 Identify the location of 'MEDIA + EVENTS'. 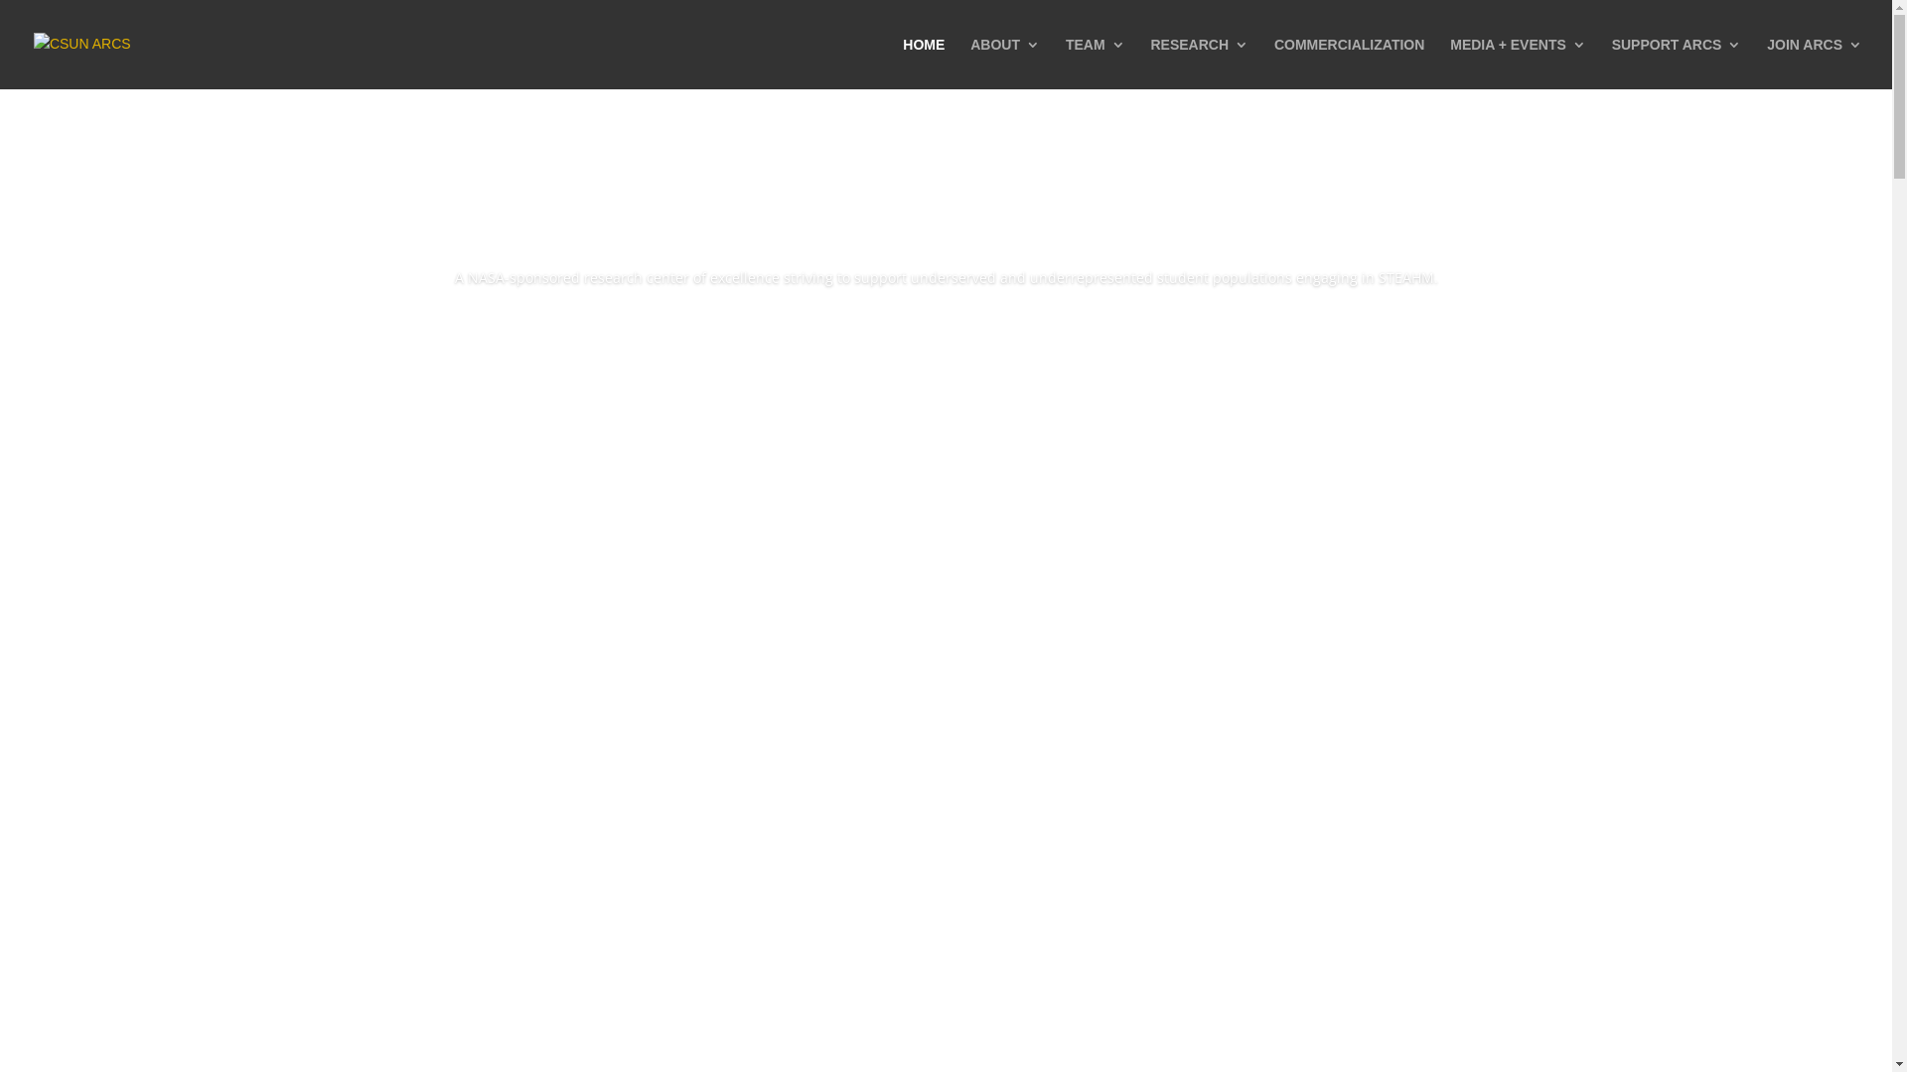
(1517, 63).